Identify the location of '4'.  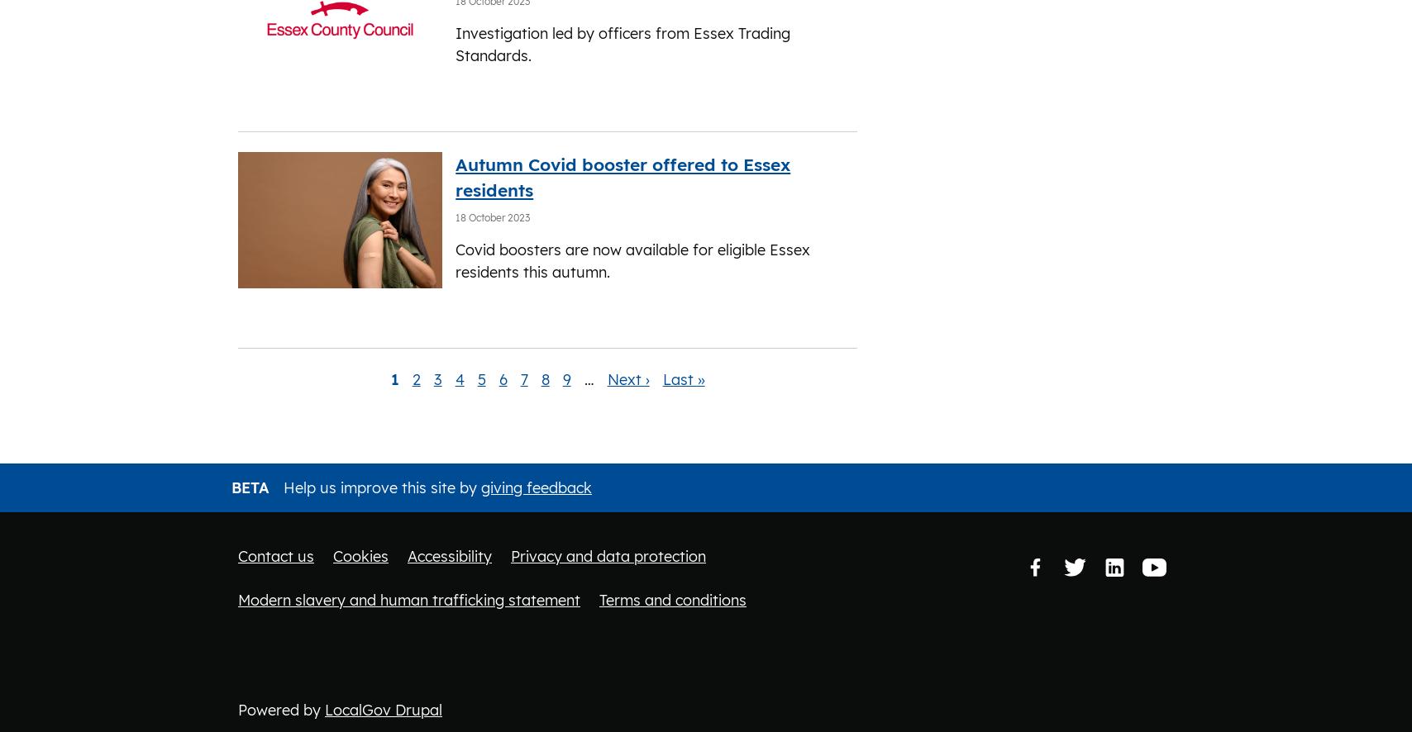
(459, 378).